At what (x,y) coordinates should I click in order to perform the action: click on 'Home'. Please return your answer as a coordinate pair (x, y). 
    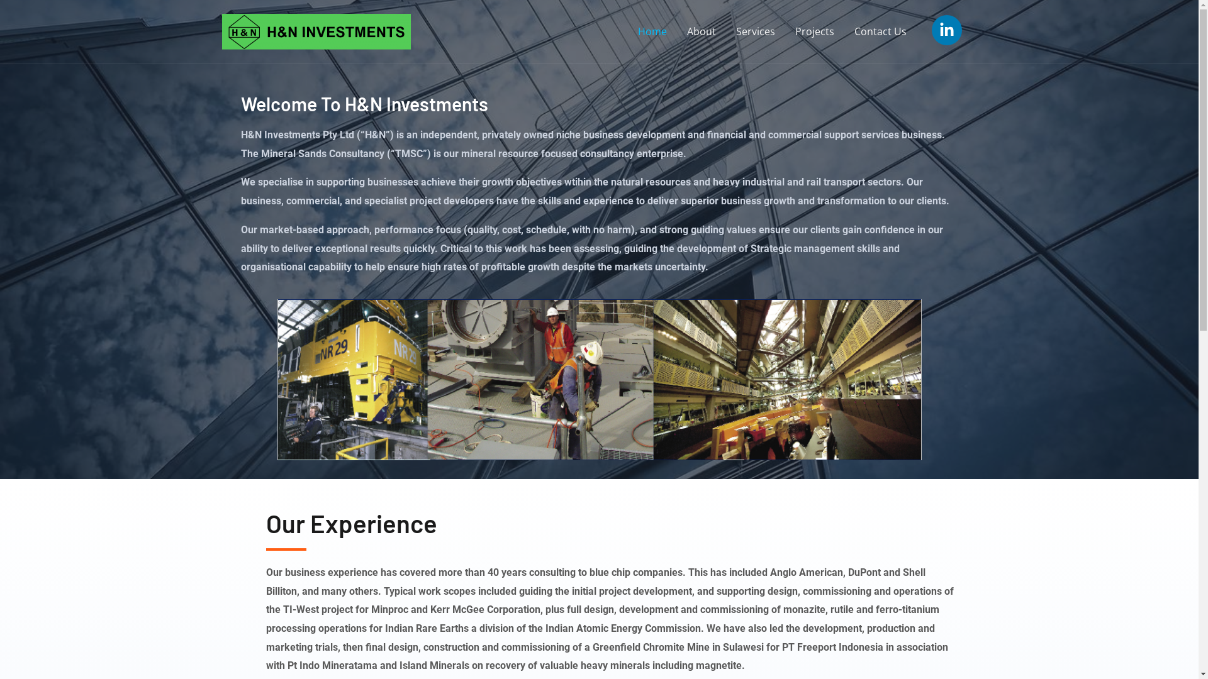
    Looking at the image, I should click on (652, 31).